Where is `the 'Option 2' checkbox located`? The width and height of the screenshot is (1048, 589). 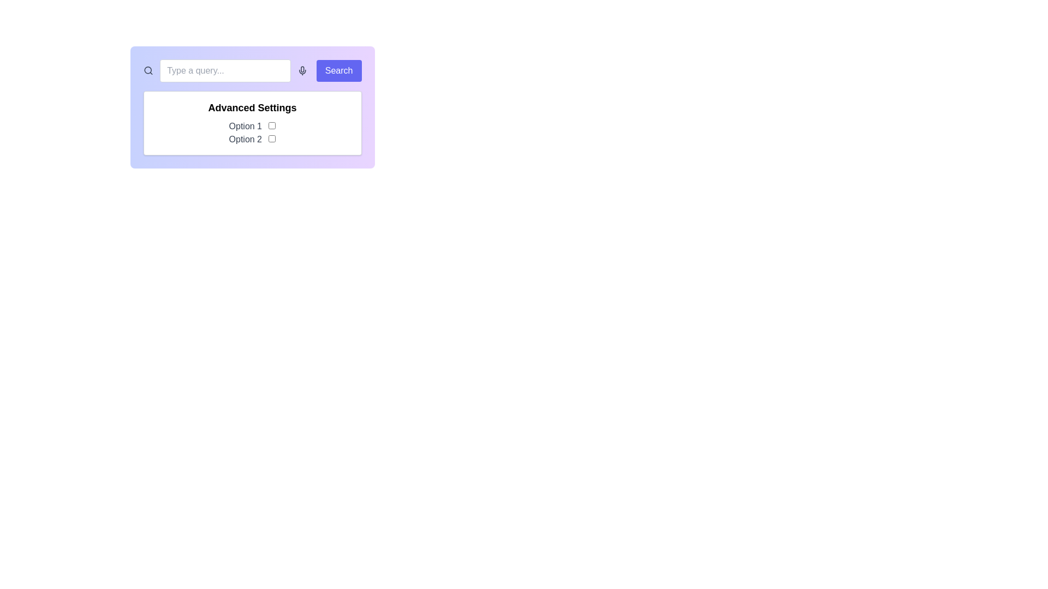
the 'Option 2' checkbox located is located at coordinates (272, 138).